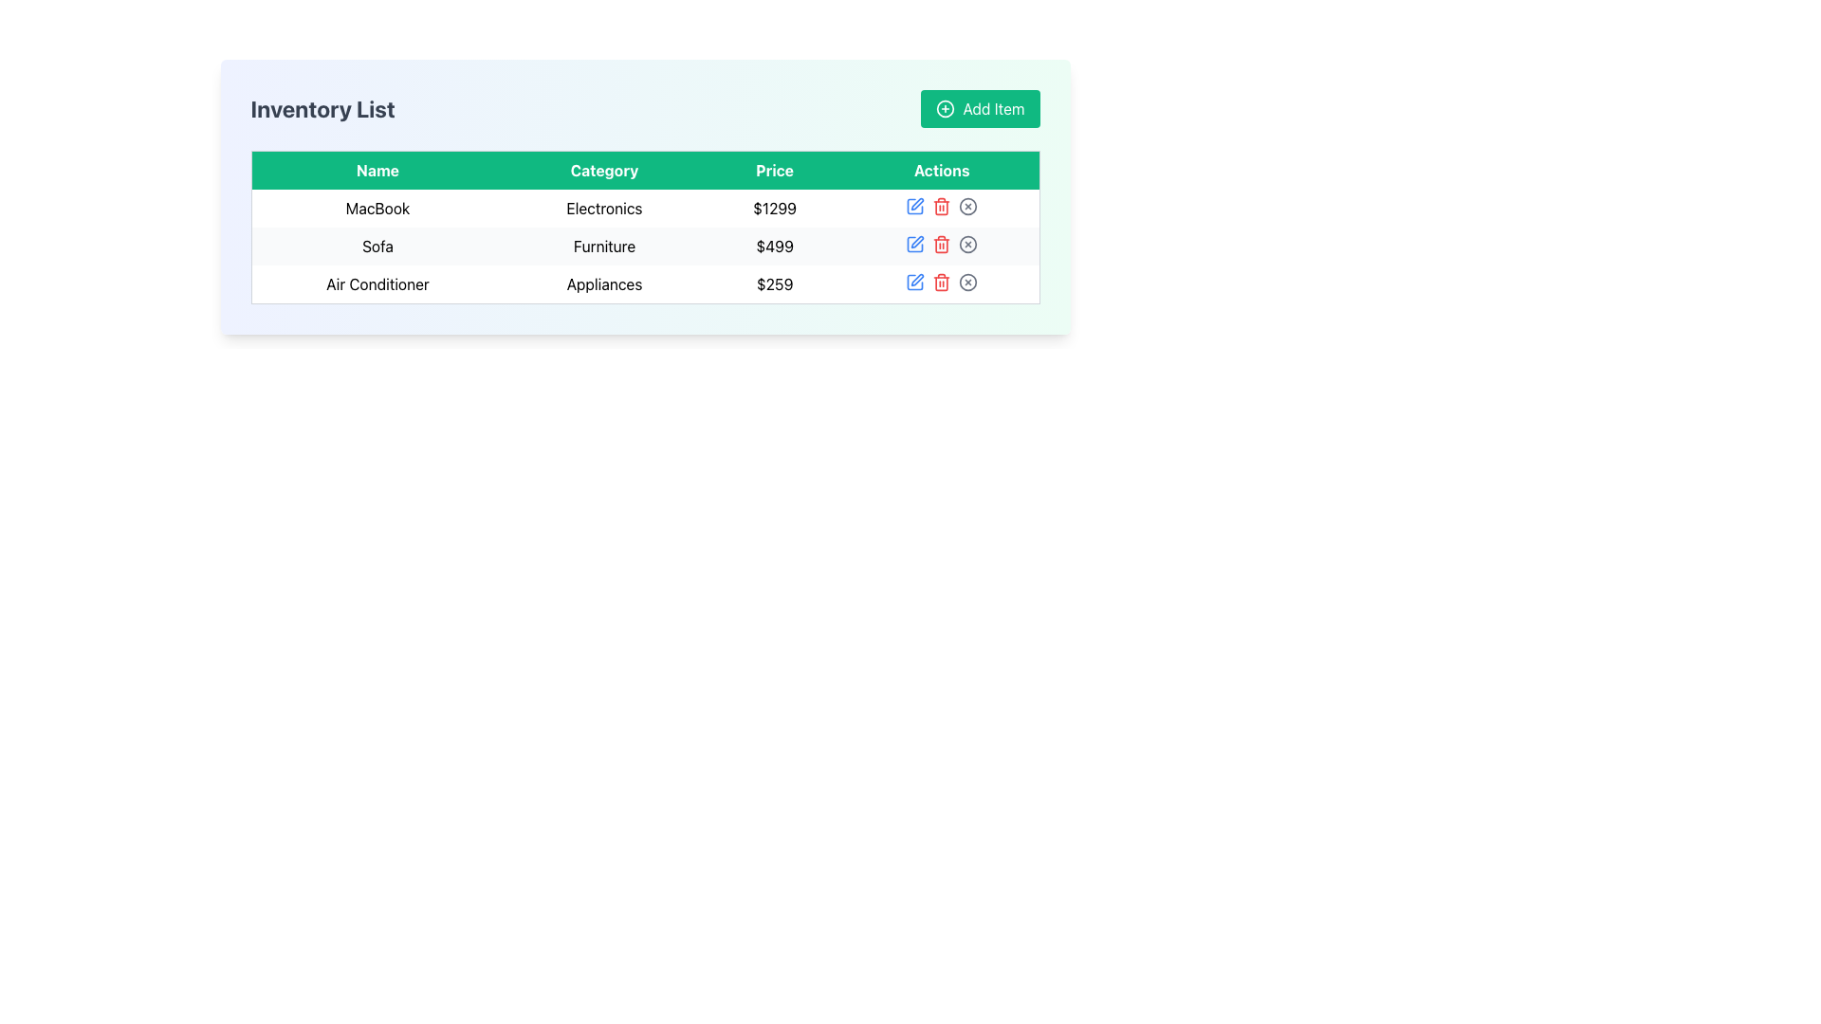  Describe the element at coordinates (946, 109) in the screenshot. I see `the 'Add Item' button located in the top-right corner of the inventory section, which contains a circular icon with a plus sign at its center` at that location.